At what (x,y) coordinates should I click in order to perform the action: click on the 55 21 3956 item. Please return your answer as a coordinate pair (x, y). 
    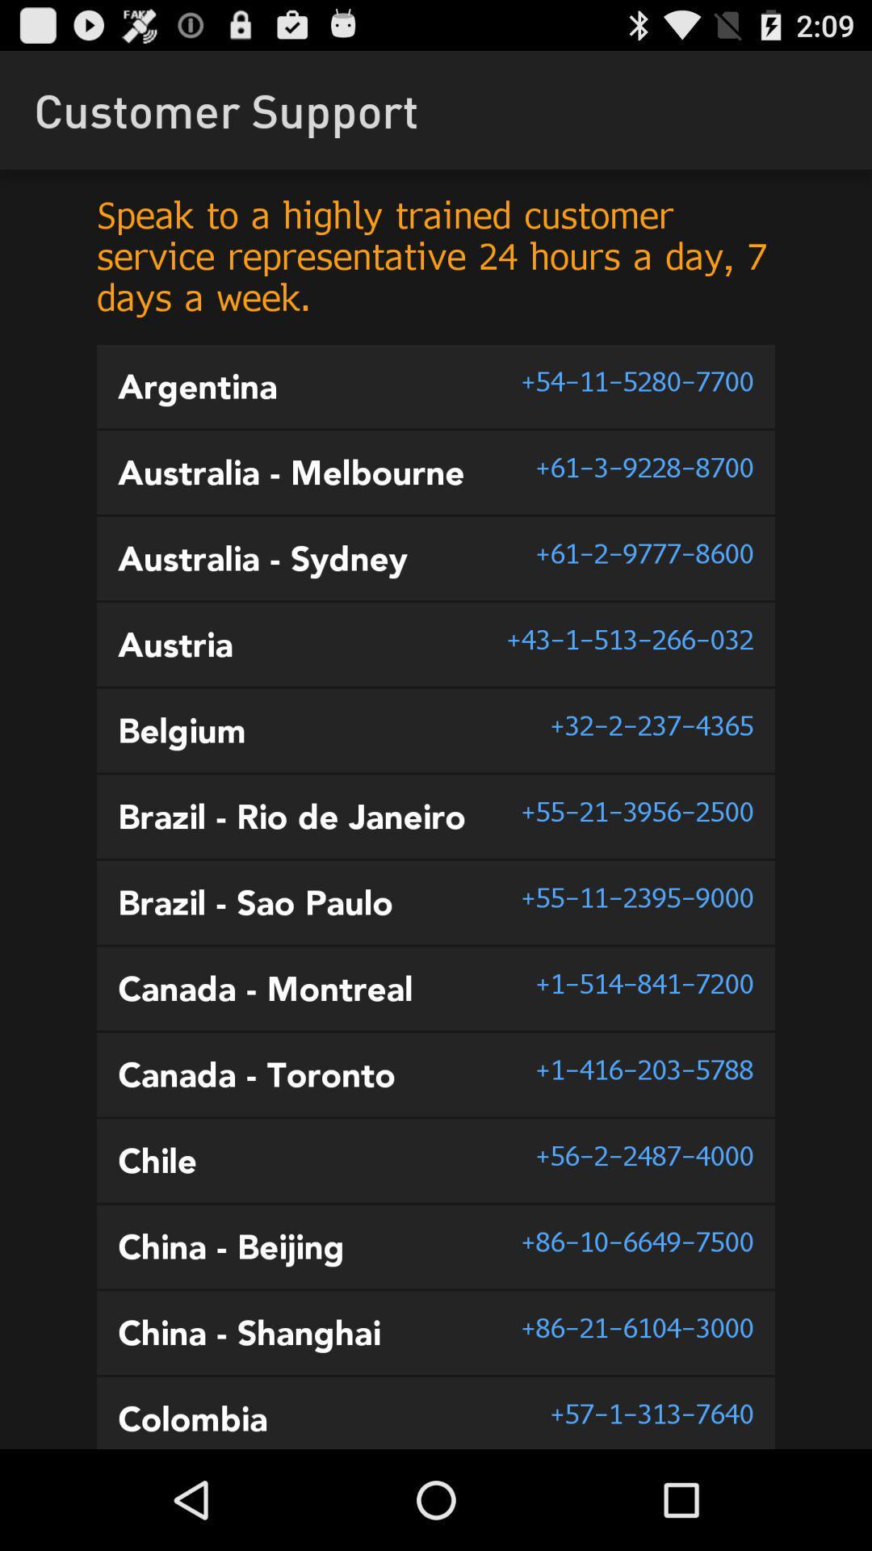
    Looking at the image, I should click on (636, 811).